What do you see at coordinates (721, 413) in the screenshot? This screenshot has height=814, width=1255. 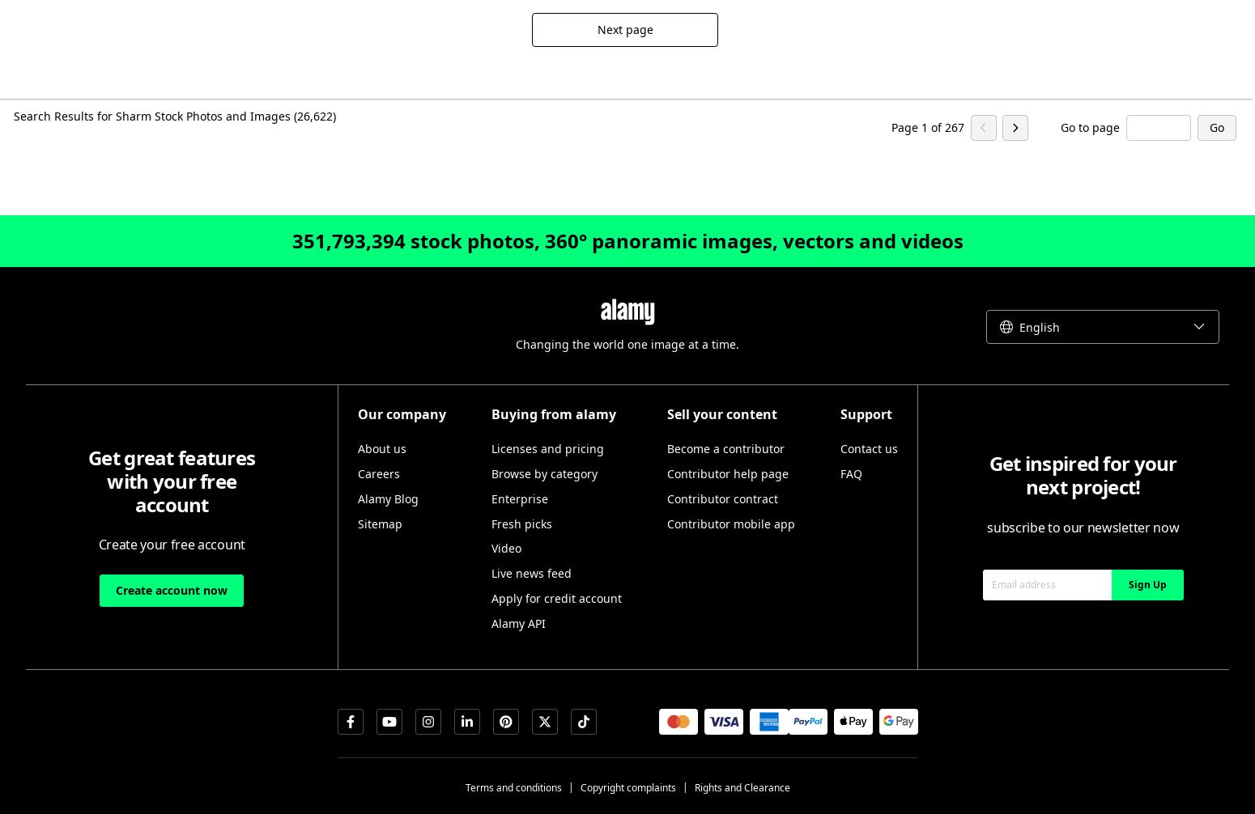 I see `'Sell your content'` at bounding box center [721, 413].